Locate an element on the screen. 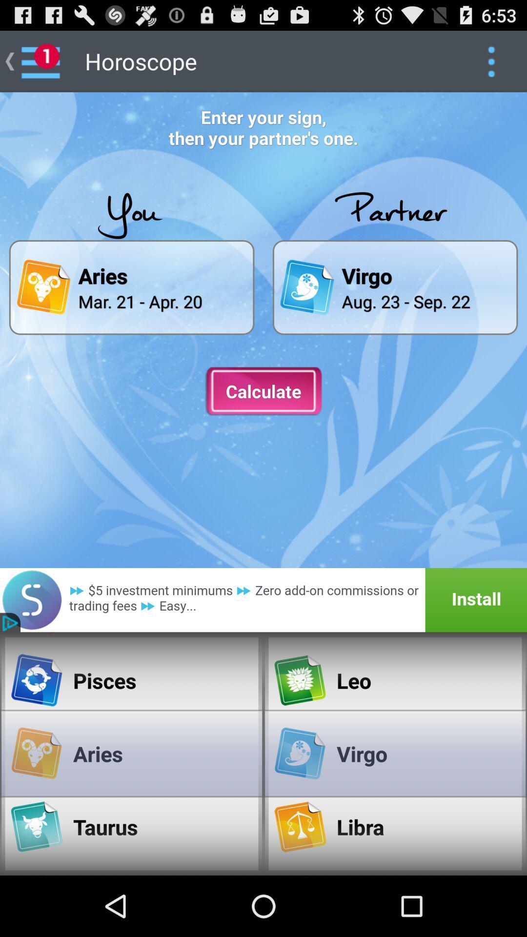  the item to the right of the horoscope item is located at coordinates (491, 61).